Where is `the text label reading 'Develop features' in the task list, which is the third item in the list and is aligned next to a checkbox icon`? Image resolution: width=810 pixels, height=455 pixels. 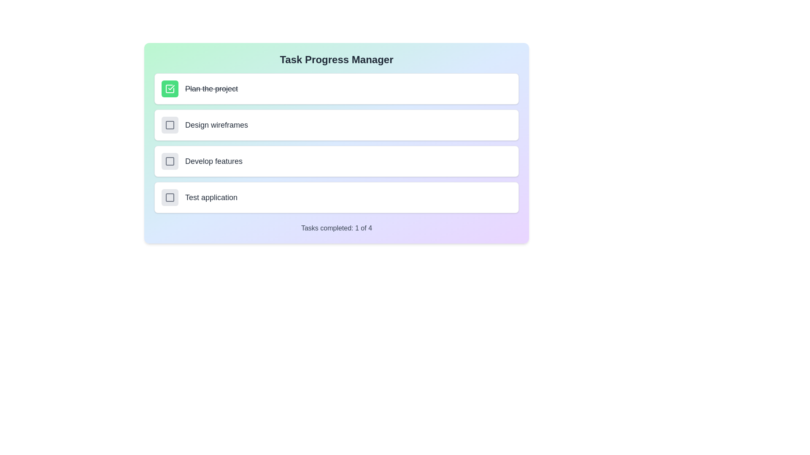
the text label reading 'Develop features' in the task list, which is the third item in the list and is aligned next to a checkbox icon is located at coordinates (214, 161).